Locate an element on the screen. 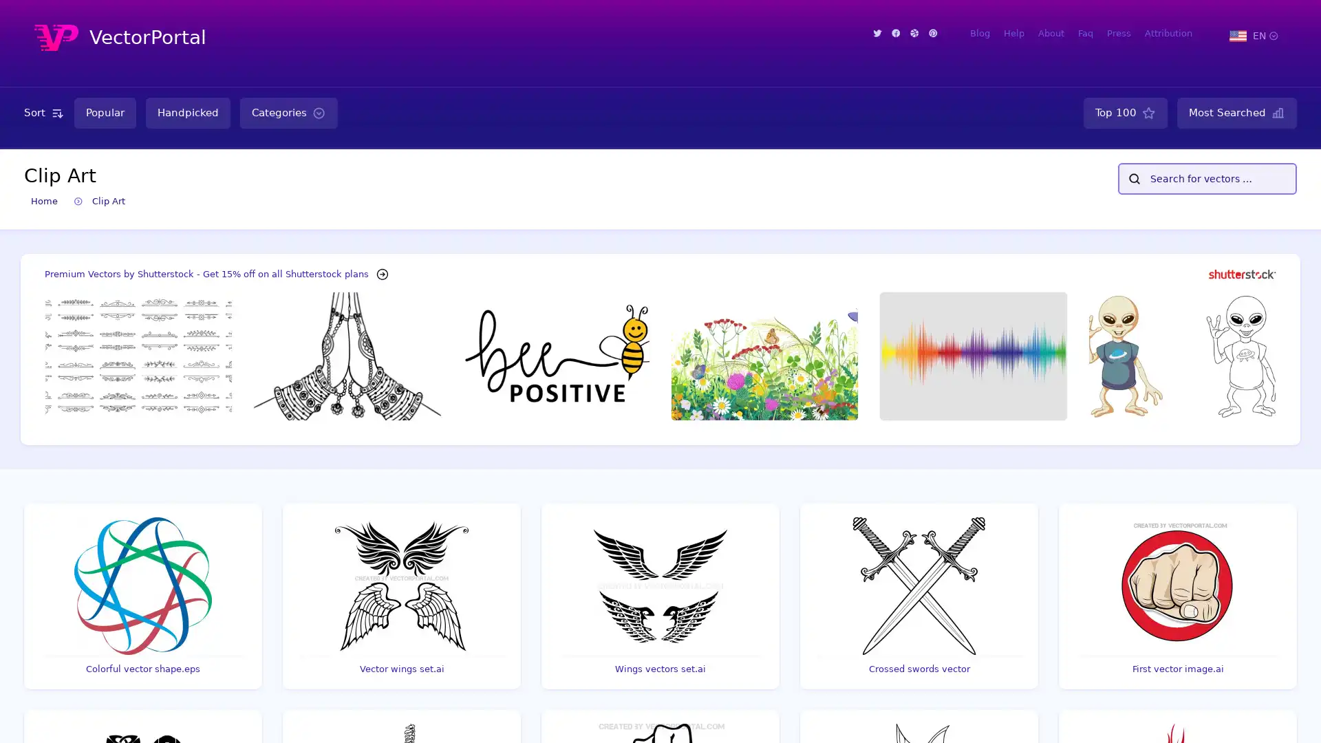  EN is located at coordinates (1253, 34).